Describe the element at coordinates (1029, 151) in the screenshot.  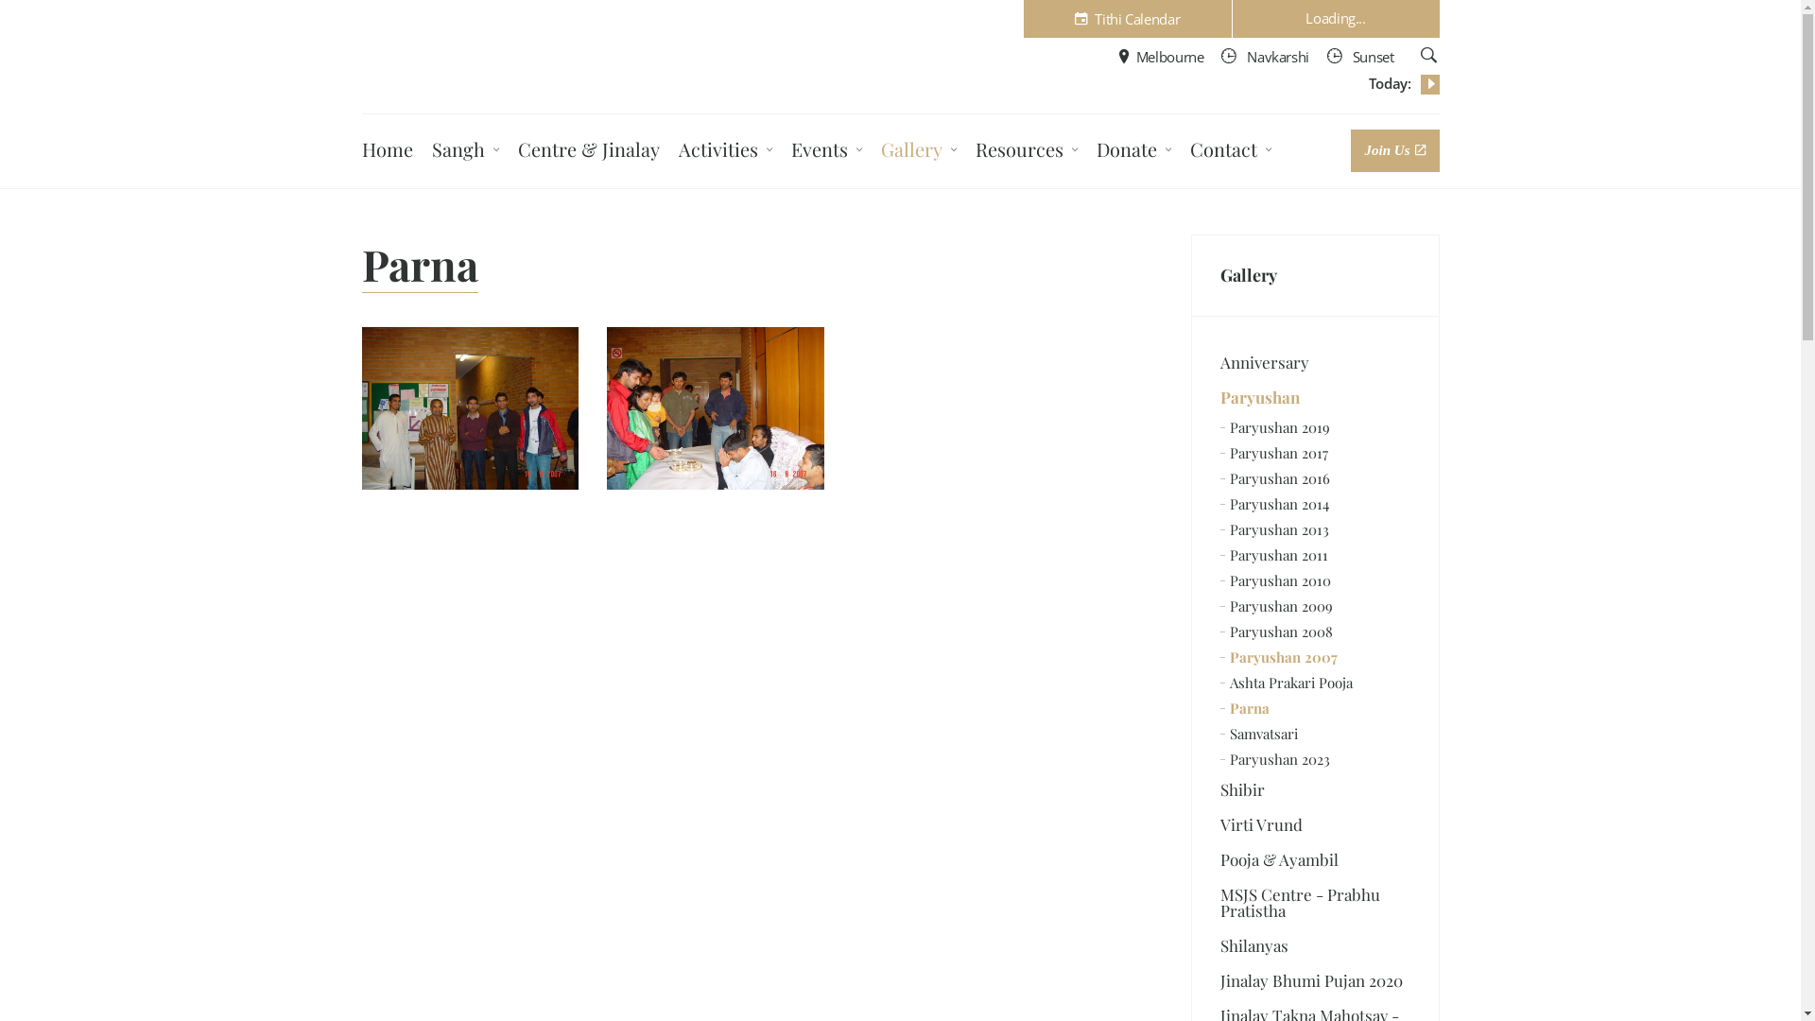
I see `'Resources'` at that location.